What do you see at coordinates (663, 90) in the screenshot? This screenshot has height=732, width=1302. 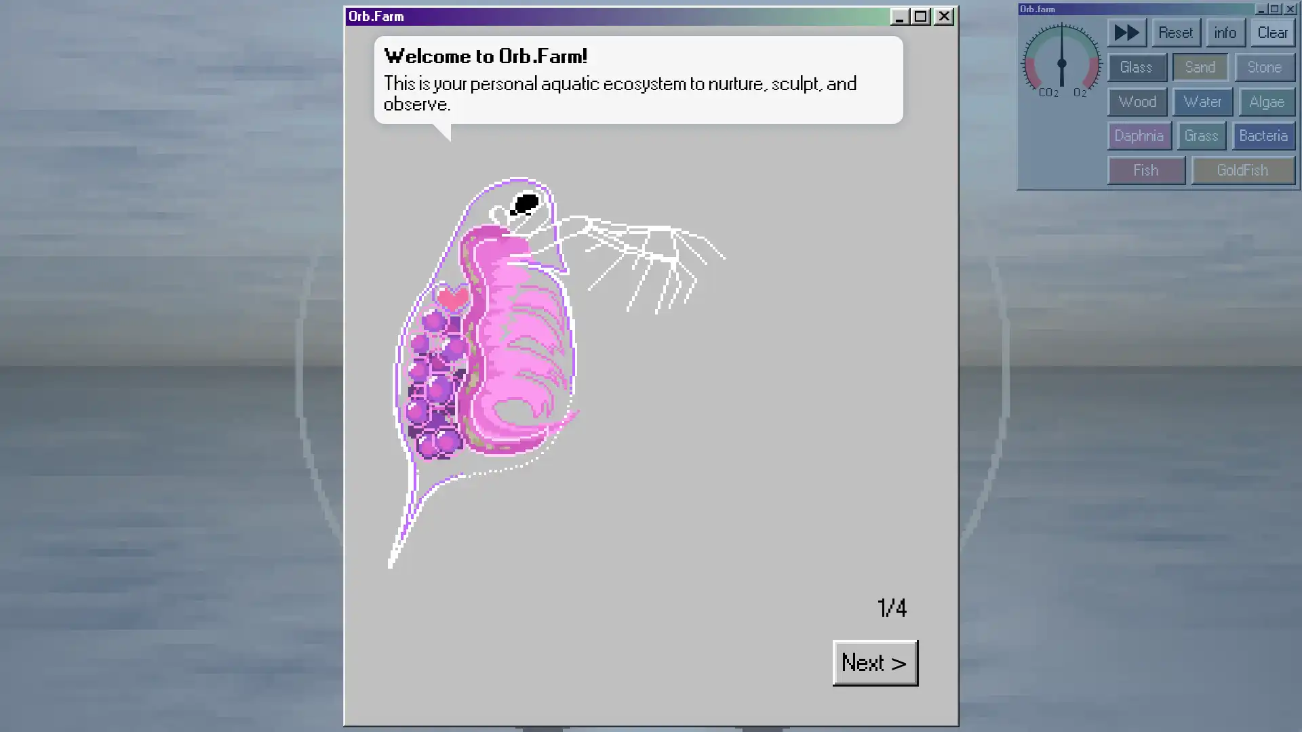 I see `GoldFish` at bounding box center [663, 90].